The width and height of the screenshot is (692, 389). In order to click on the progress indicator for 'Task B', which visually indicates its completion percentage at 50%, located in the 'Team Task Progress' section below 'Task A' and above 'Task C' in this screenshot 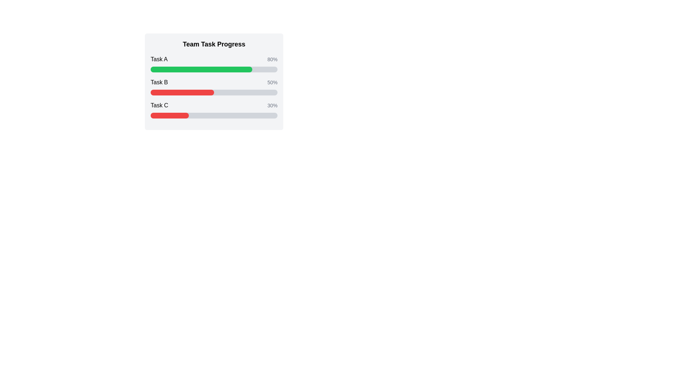, I will do `click(214, 82)`.